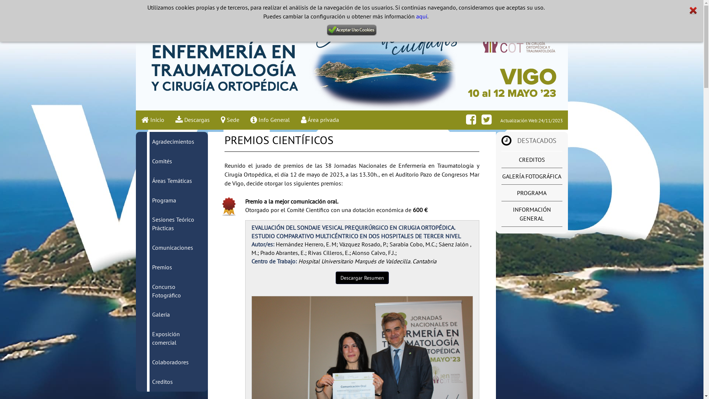 Image resolution: width=709 pixels, height=399 pixels. I want to click on 'Aceptar uso de cookies', so click(351, 30).